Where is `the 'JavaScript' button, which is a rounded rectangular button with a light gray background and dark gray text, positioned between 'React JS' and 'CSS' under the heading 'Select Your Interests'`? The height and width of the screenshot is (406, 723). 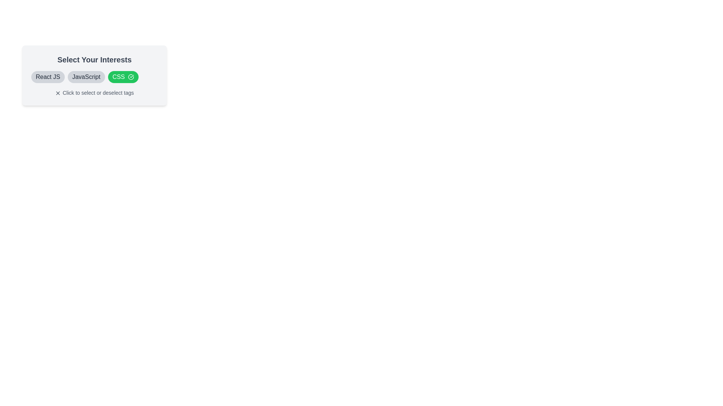
the 'JavaScript' button, which is a rounded rectangular button with a light gray background and dark gray text, positioned between 'React JS' and 'CSS' under the heading 'Select Your Interests' is located at coordinates (86, 77).